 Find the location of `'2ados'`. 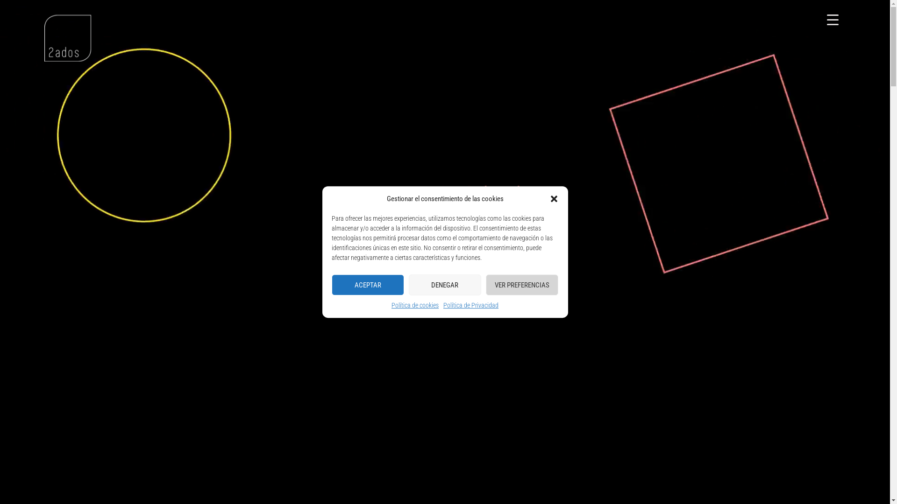

'2ados' is located at coordinates (67, 37).